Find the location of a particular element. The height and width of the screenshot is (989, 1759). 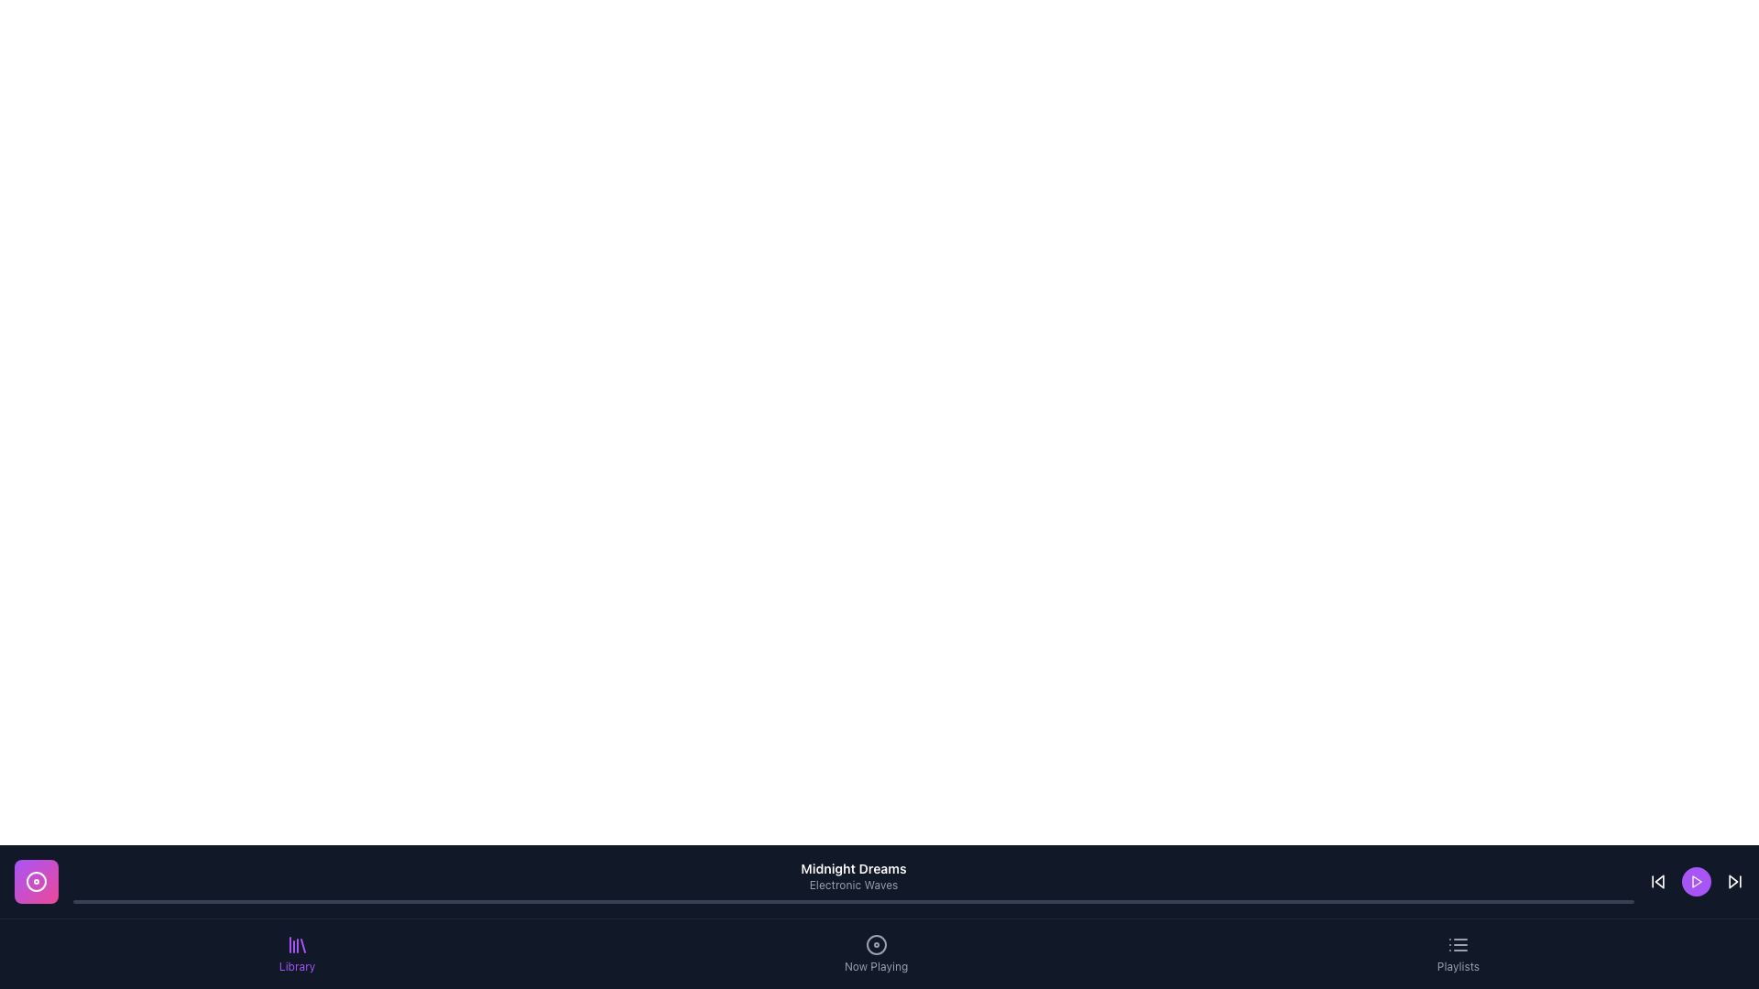

the 'Library' text label in the bottom navigation bar, which is positioned centrally and represents the Library section of the application is located at coordinates (297, 966).